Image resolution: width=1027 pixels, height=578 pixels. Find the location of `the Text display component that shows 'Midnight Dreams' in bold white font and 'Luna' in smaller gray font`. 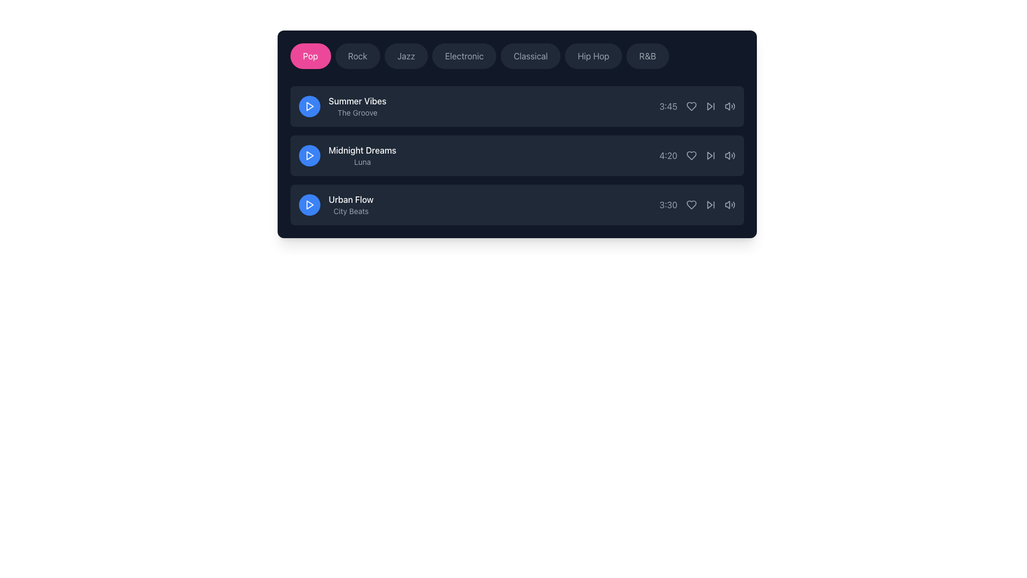

the Text display component that shows 'Midnight Dreams' in bold white font and 'Luna' in smaller gray font is located at coordinates (362, 155).